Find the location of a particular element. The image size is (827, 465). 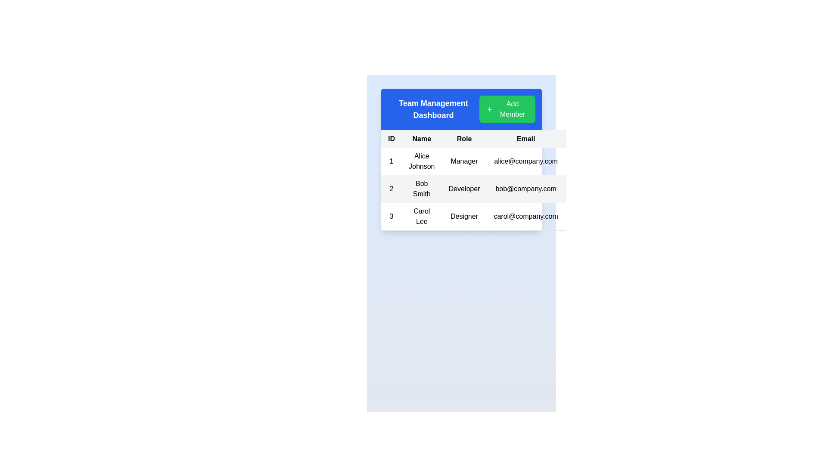

the static text label 'Name' which is styled with white text on a light gray background and serves as a column title in the header row of a table is located at coordinates (422, 138).